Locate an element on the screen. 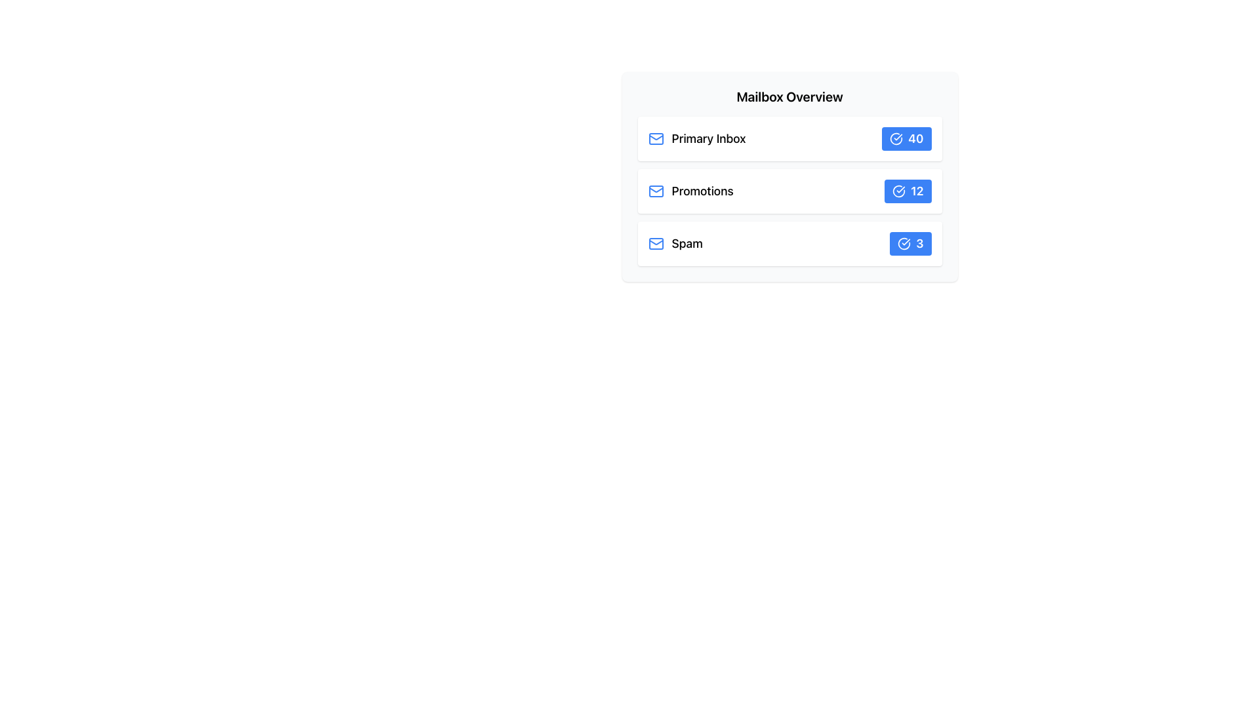 This screenshot has width=1259, height=708. the second section of the Mailbox Overview labeled 'Promotions' is located at coordinates (789, 191).